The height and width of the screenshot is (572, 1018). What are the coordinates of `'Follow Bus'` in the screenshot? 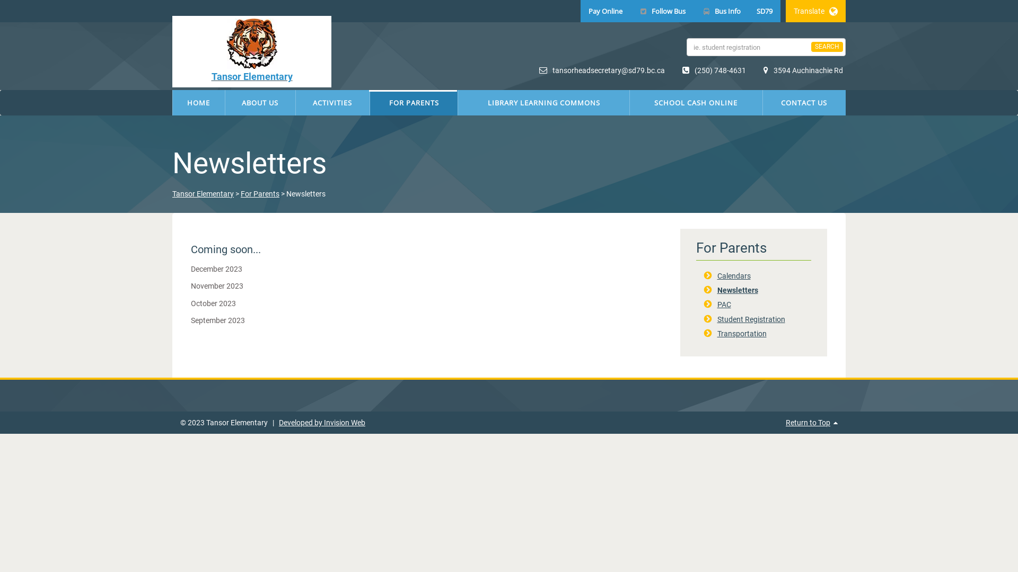 It's located at (661, 11).